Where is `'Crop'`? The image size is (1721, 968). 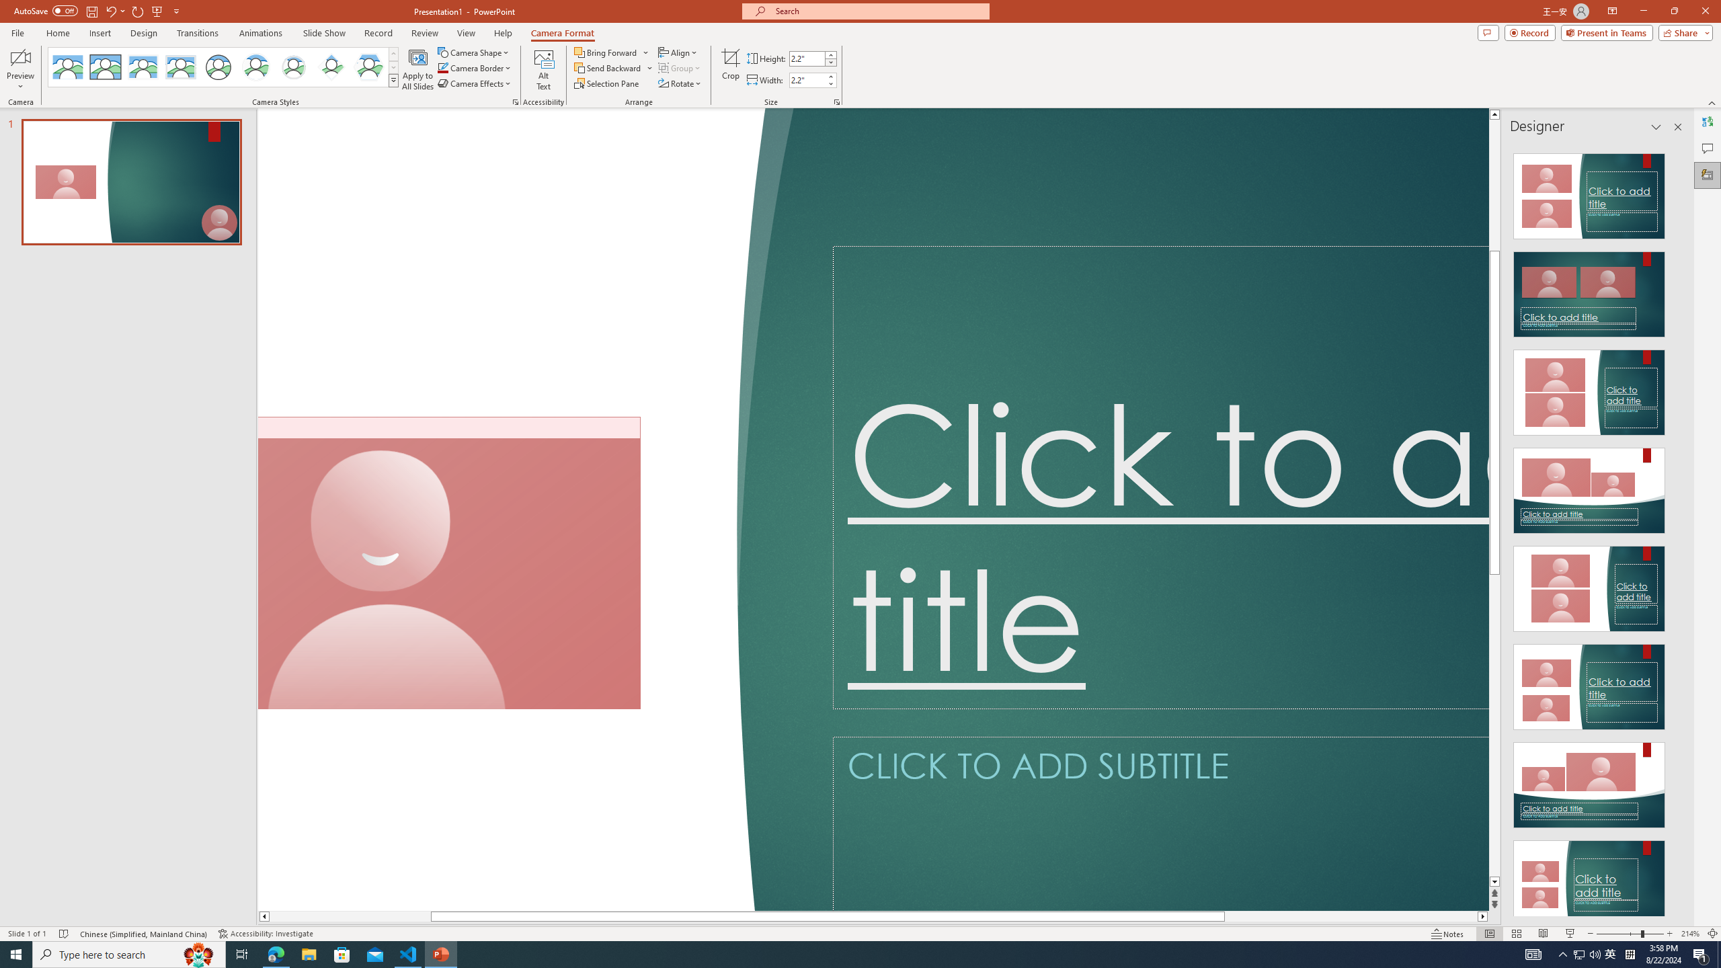 'Crop' is located at coordinates (729, 69).